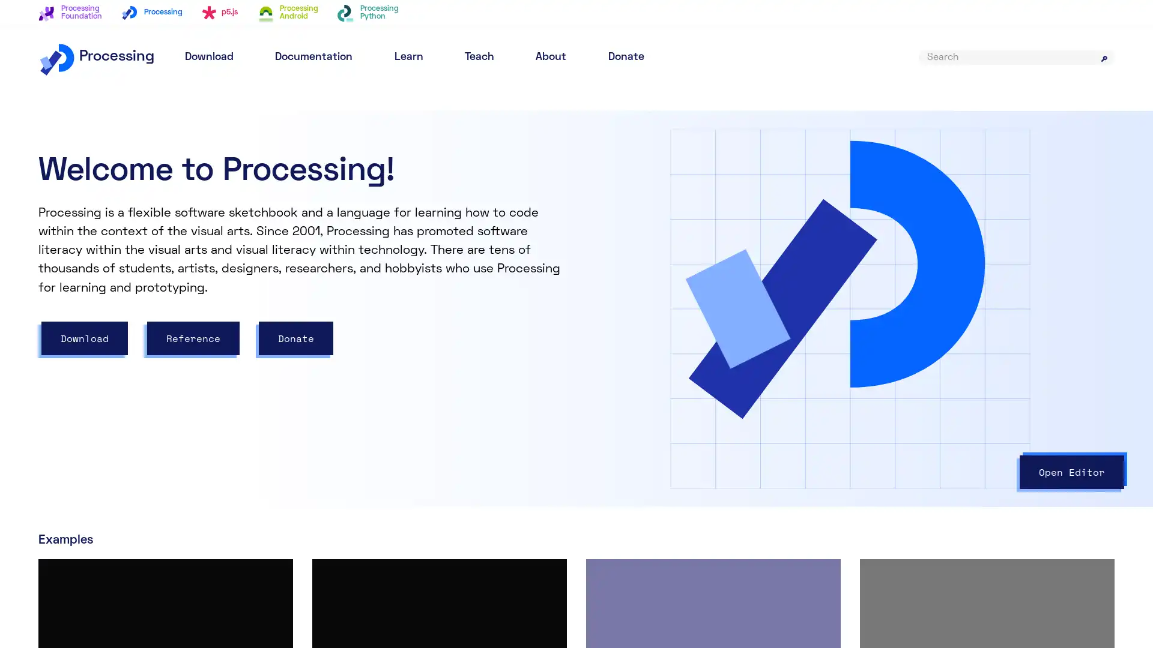  What do you see at coordinates (714, 149) in the screenshot?
I see `true` at bounding box center [714, 149].